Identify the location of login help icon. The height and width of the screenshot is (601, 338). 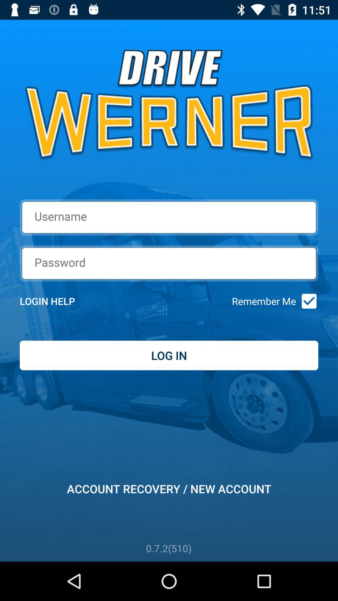
(55, 301).